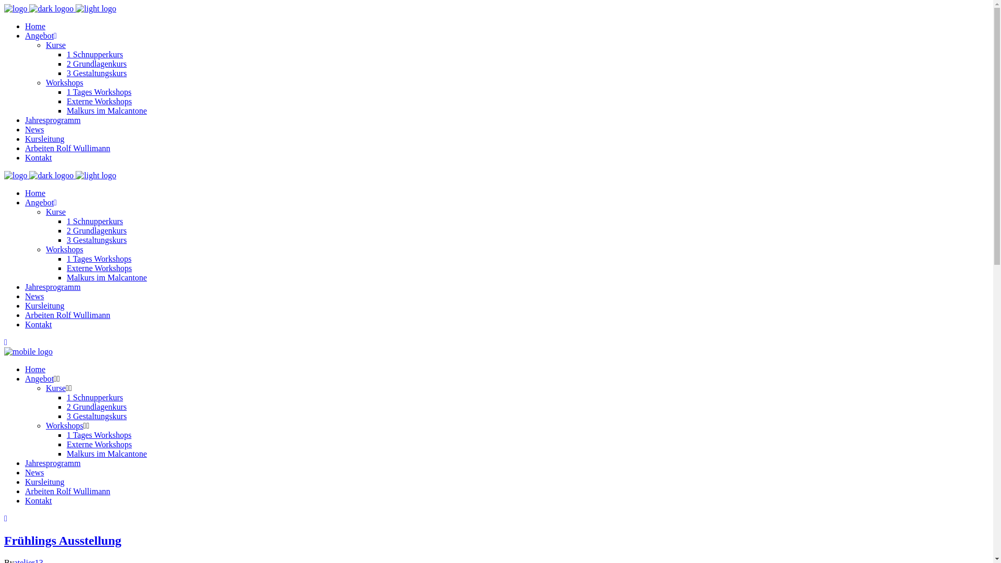  I want to click on 'Kursleitung', so click(44, 305).